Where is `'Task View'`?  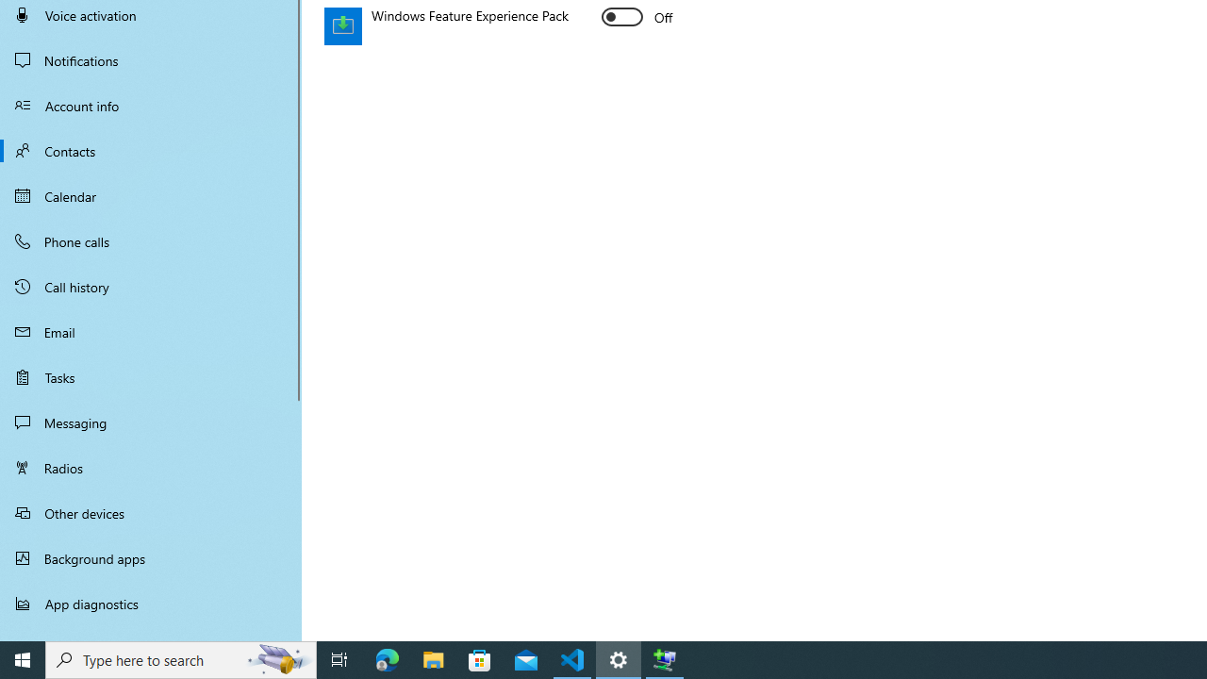 'Task View' is located at coordinates (339, 658).